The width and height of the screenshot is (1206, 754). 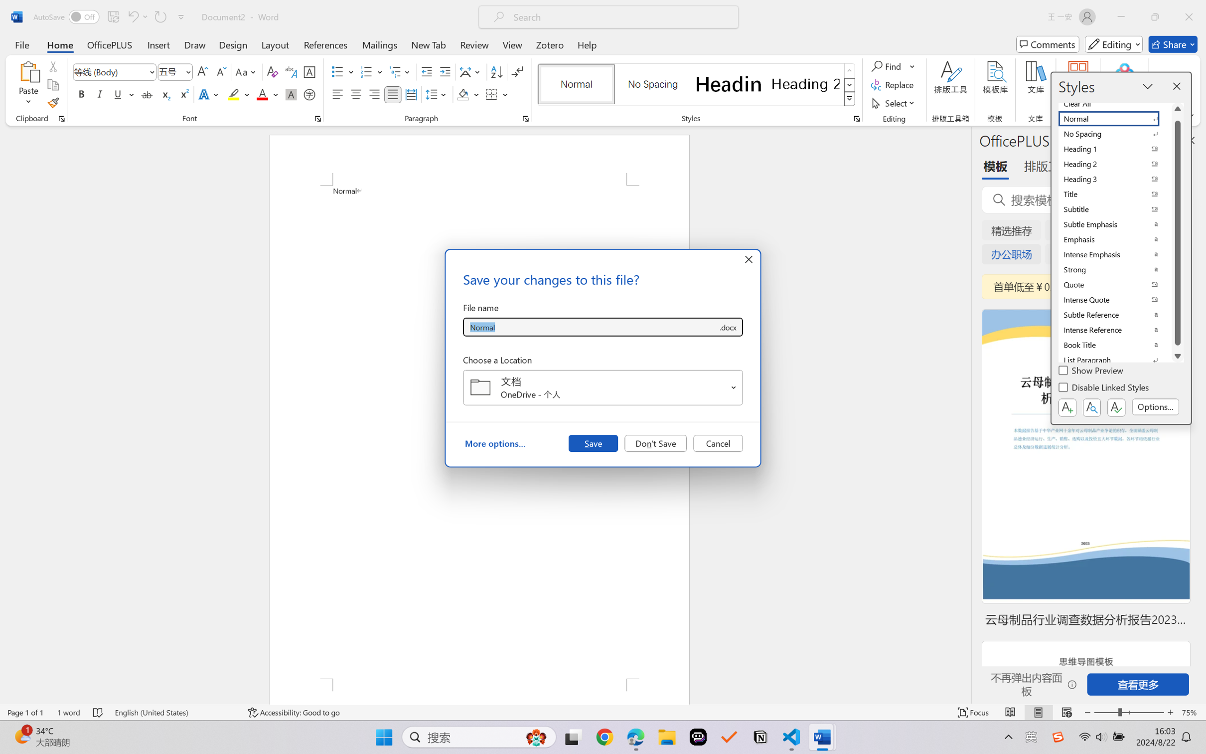 What do you see at coordinates (1121, 16) in the screenshot?
I see `'Minimize'` at bounding box center [1121, 16].